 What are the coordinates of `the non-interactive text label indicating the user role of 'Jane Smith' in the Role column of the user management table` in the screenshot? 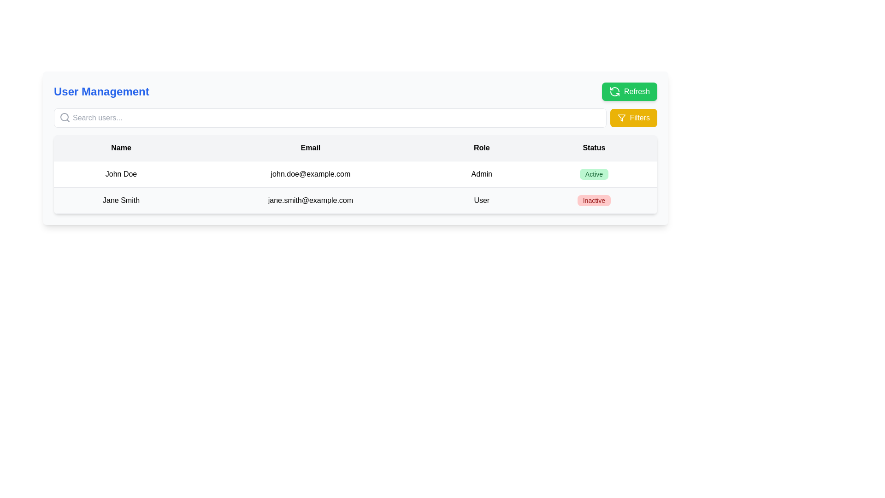 It's located at (481, 200).